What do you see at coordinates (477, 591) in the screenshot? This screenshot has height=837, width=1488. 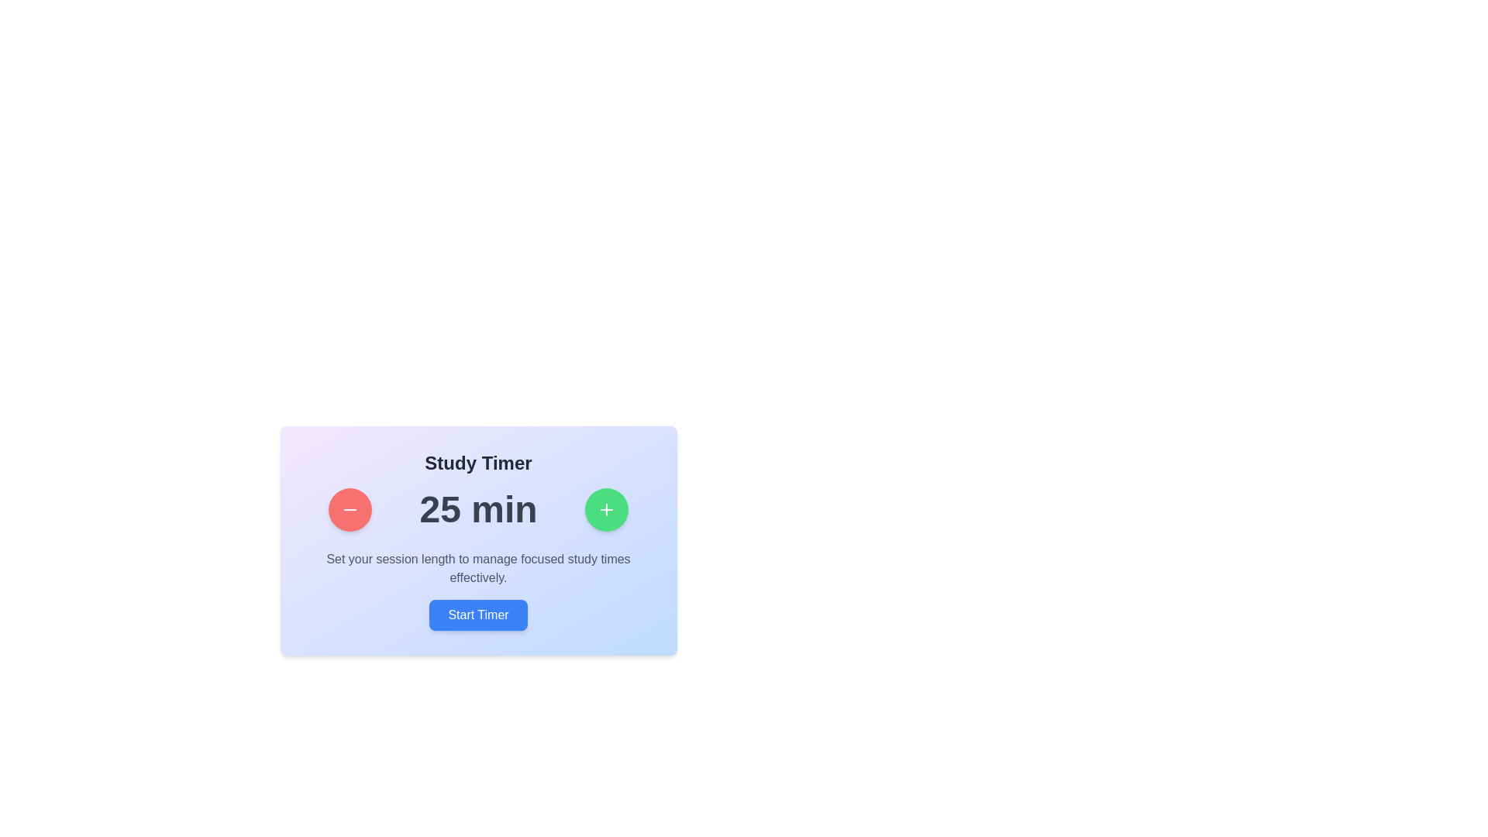 I see `the interactive button that initiates a timer for a study session, located within a card below the '25 min' section` at bounding box center [477, 591].